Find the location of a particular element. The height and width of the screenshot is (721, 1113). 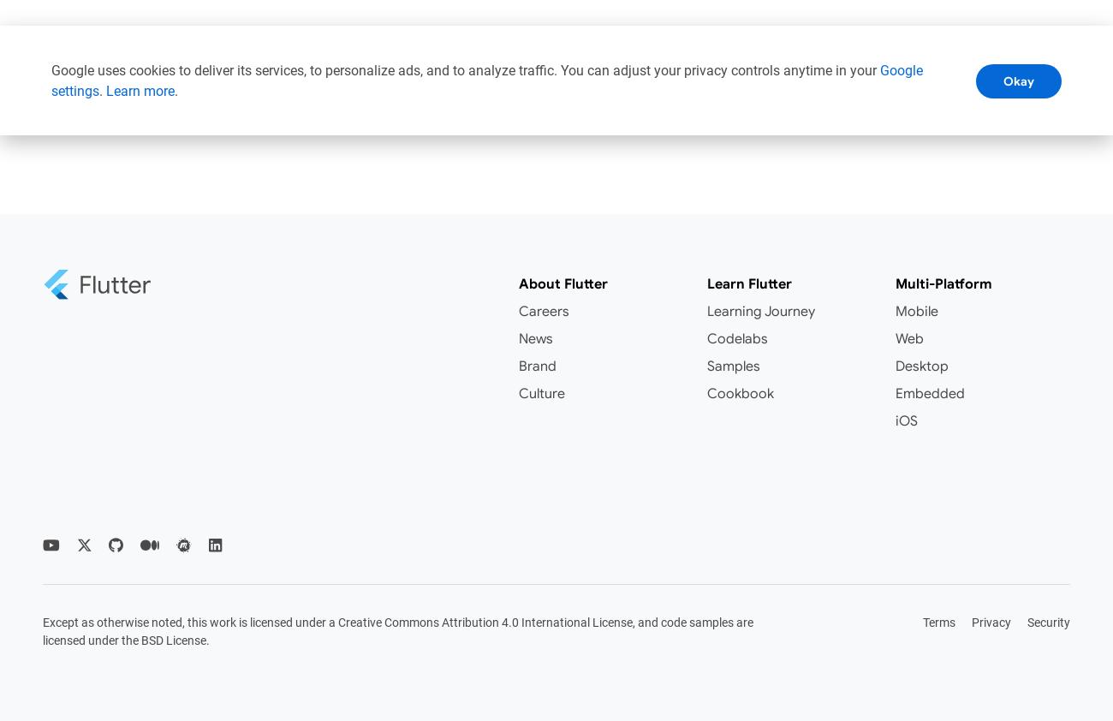

'Cookbook' is located at coordinates (741, 391).